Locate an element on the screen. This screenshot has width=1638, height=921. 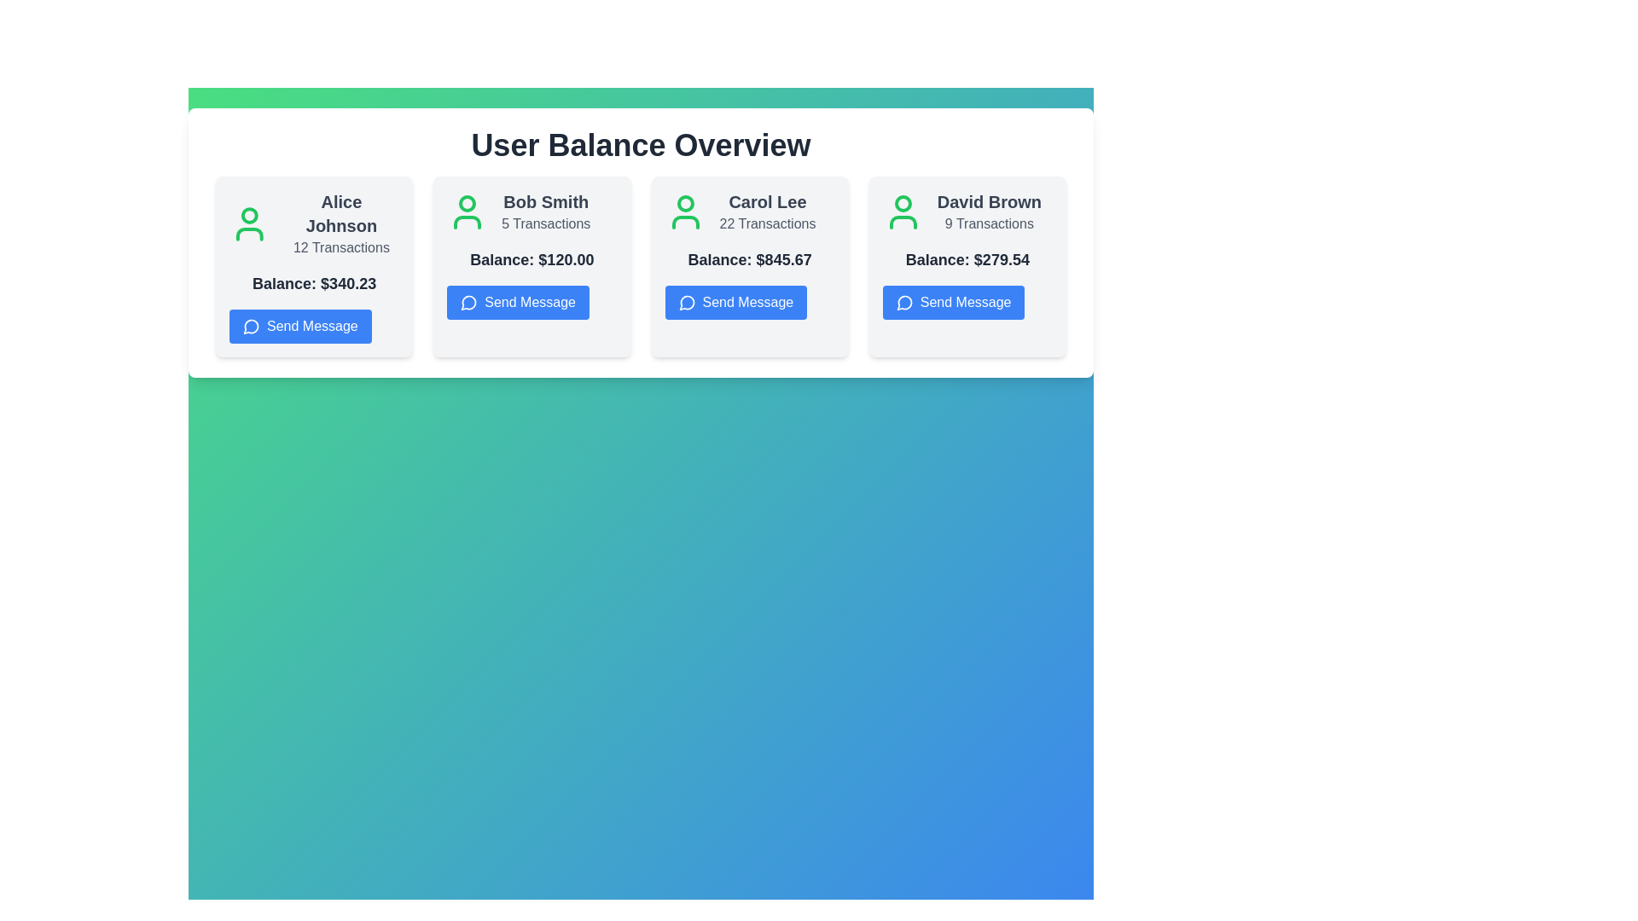
the leftmost icon of the 'Send Message' button located at the bottom of Alice Johnson's user details card is located at coordinates (250, 326).